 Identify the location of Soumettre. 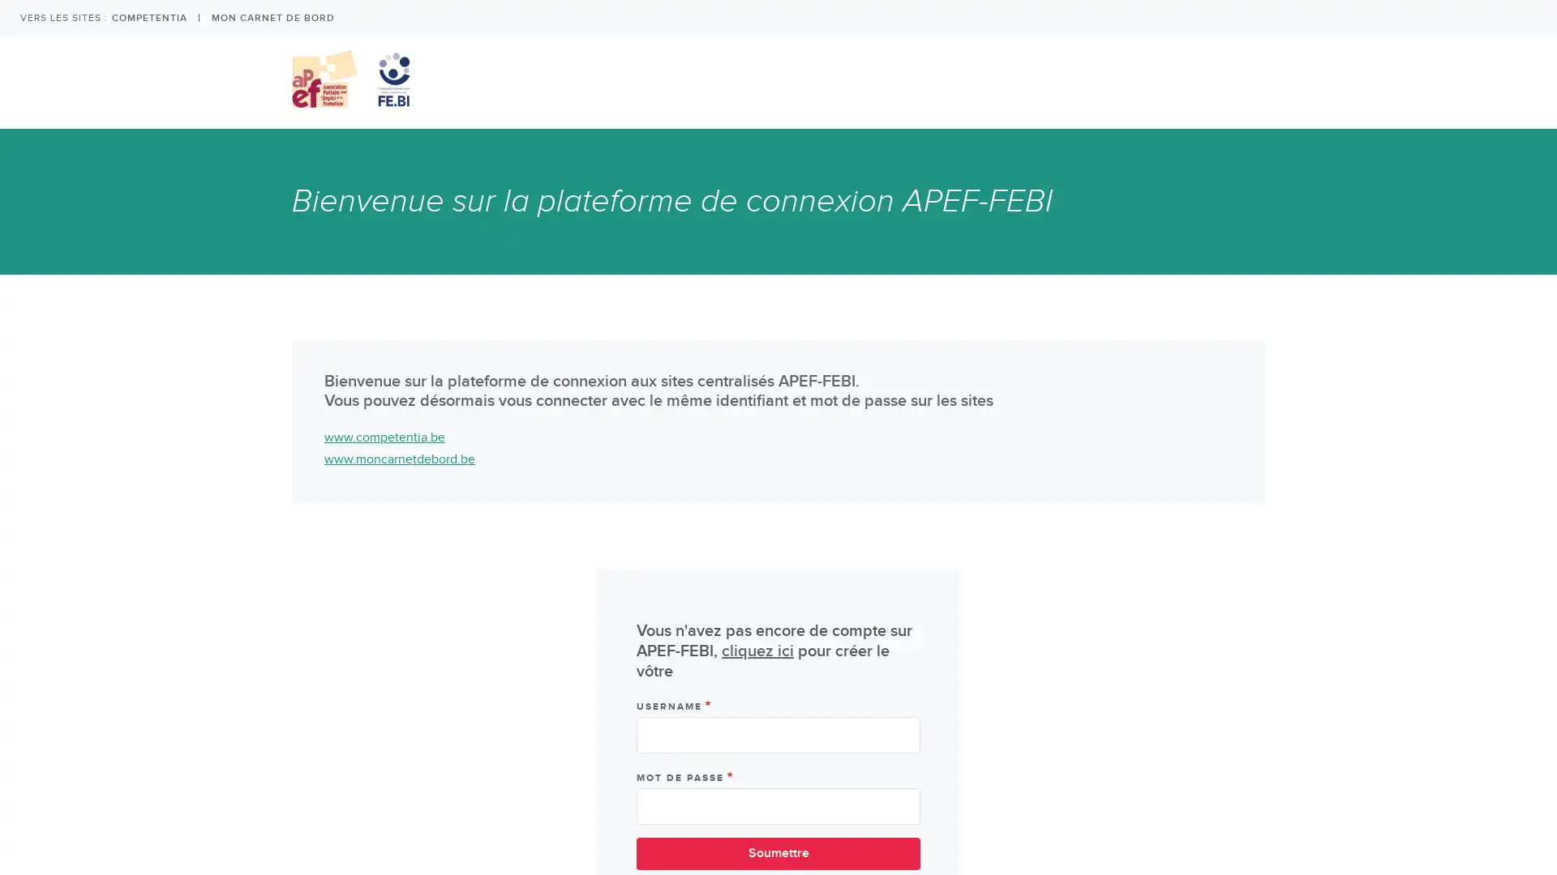
(778, 852).